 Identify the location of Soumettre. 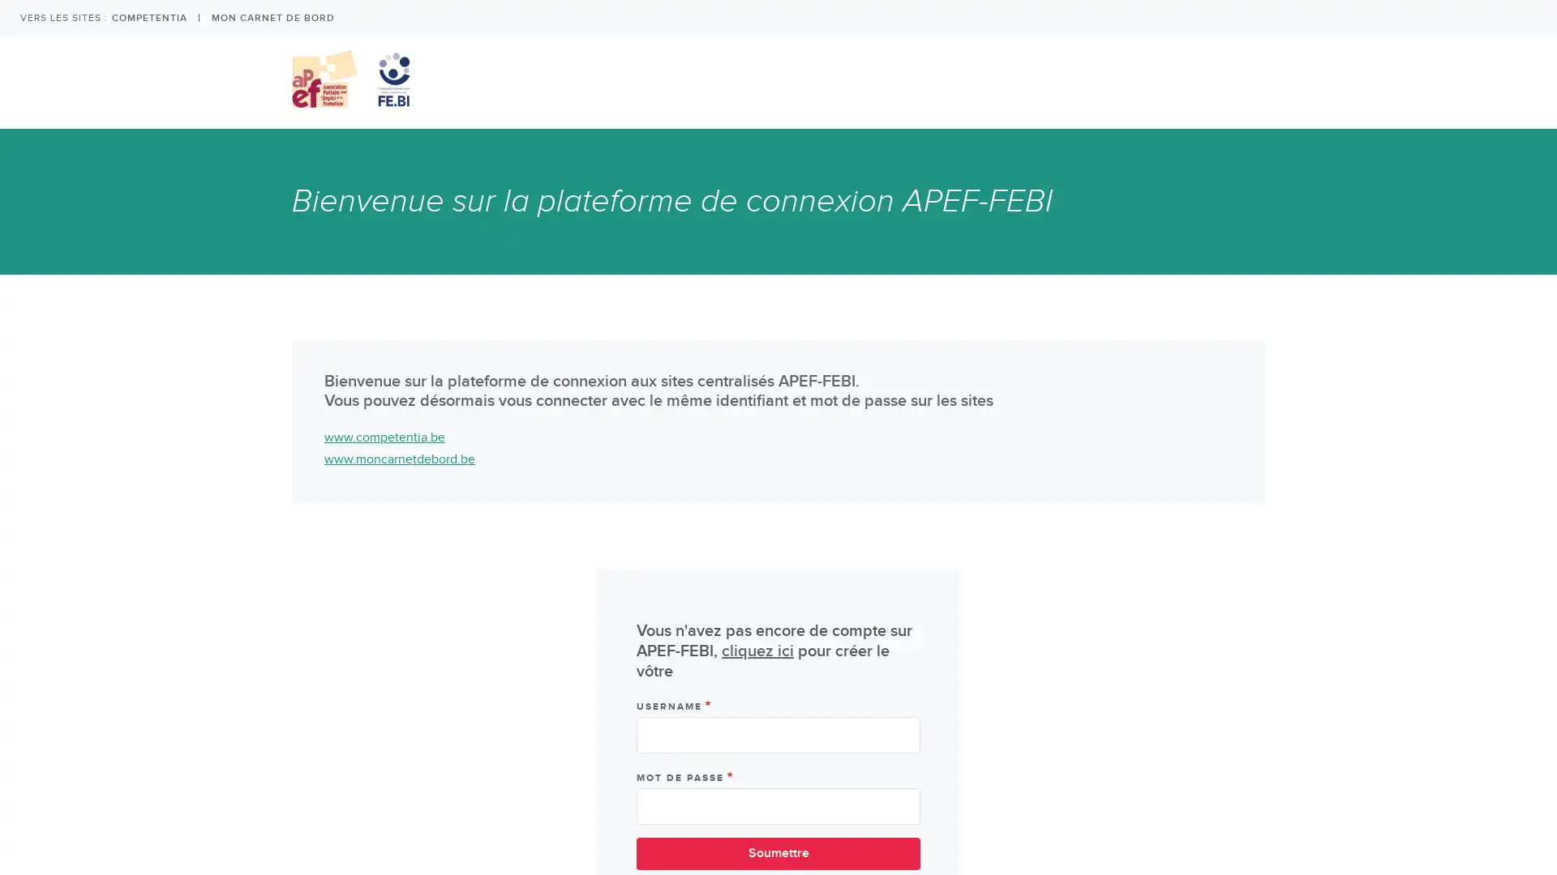
(778, 852).